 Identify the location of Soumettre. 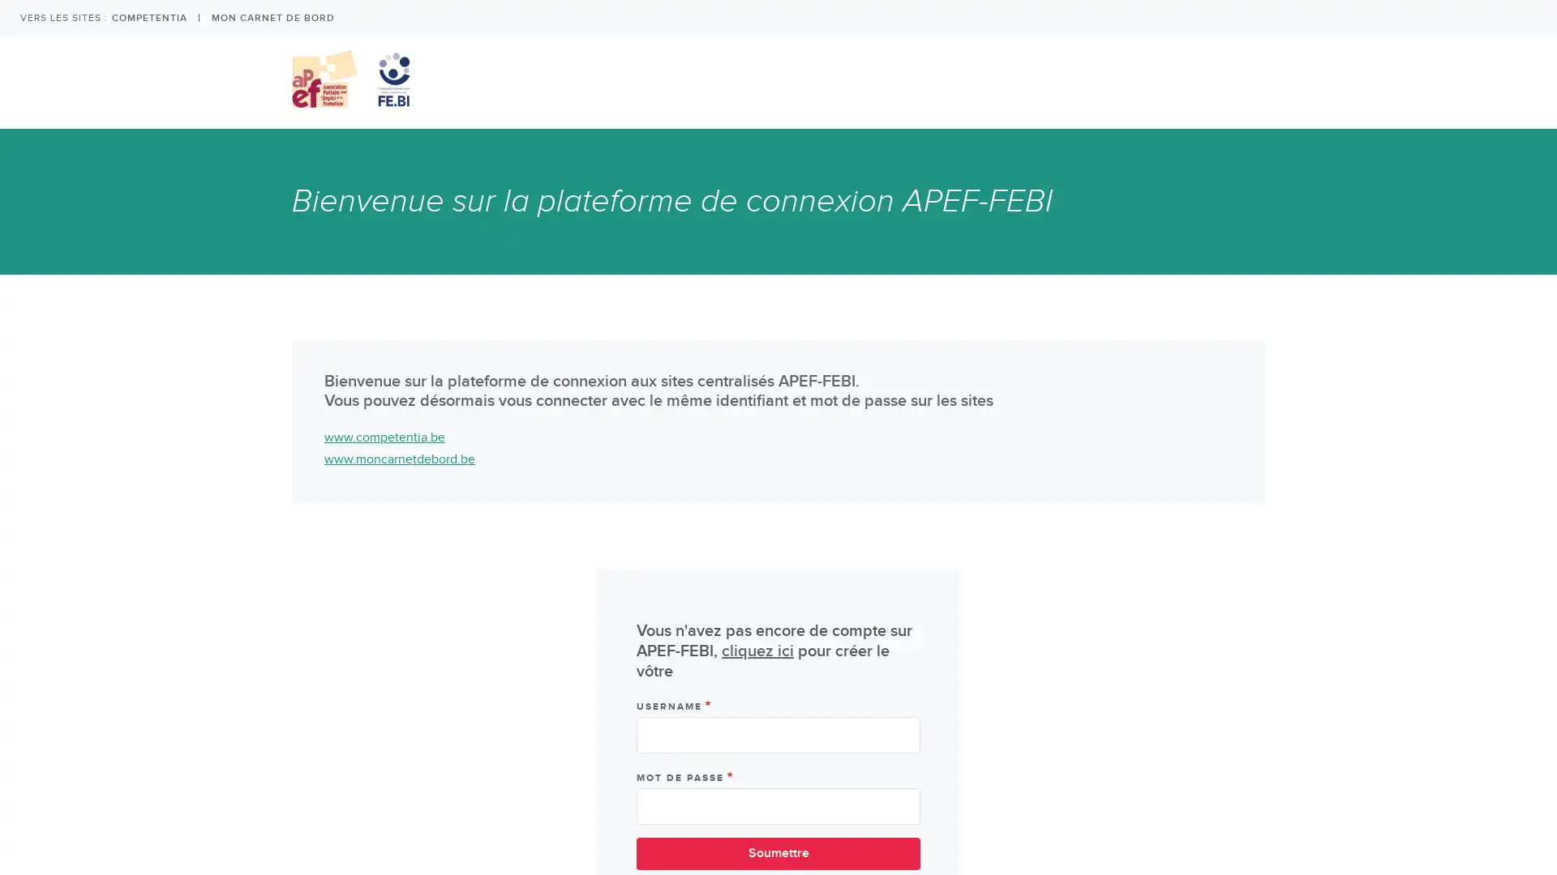
(778, 852).